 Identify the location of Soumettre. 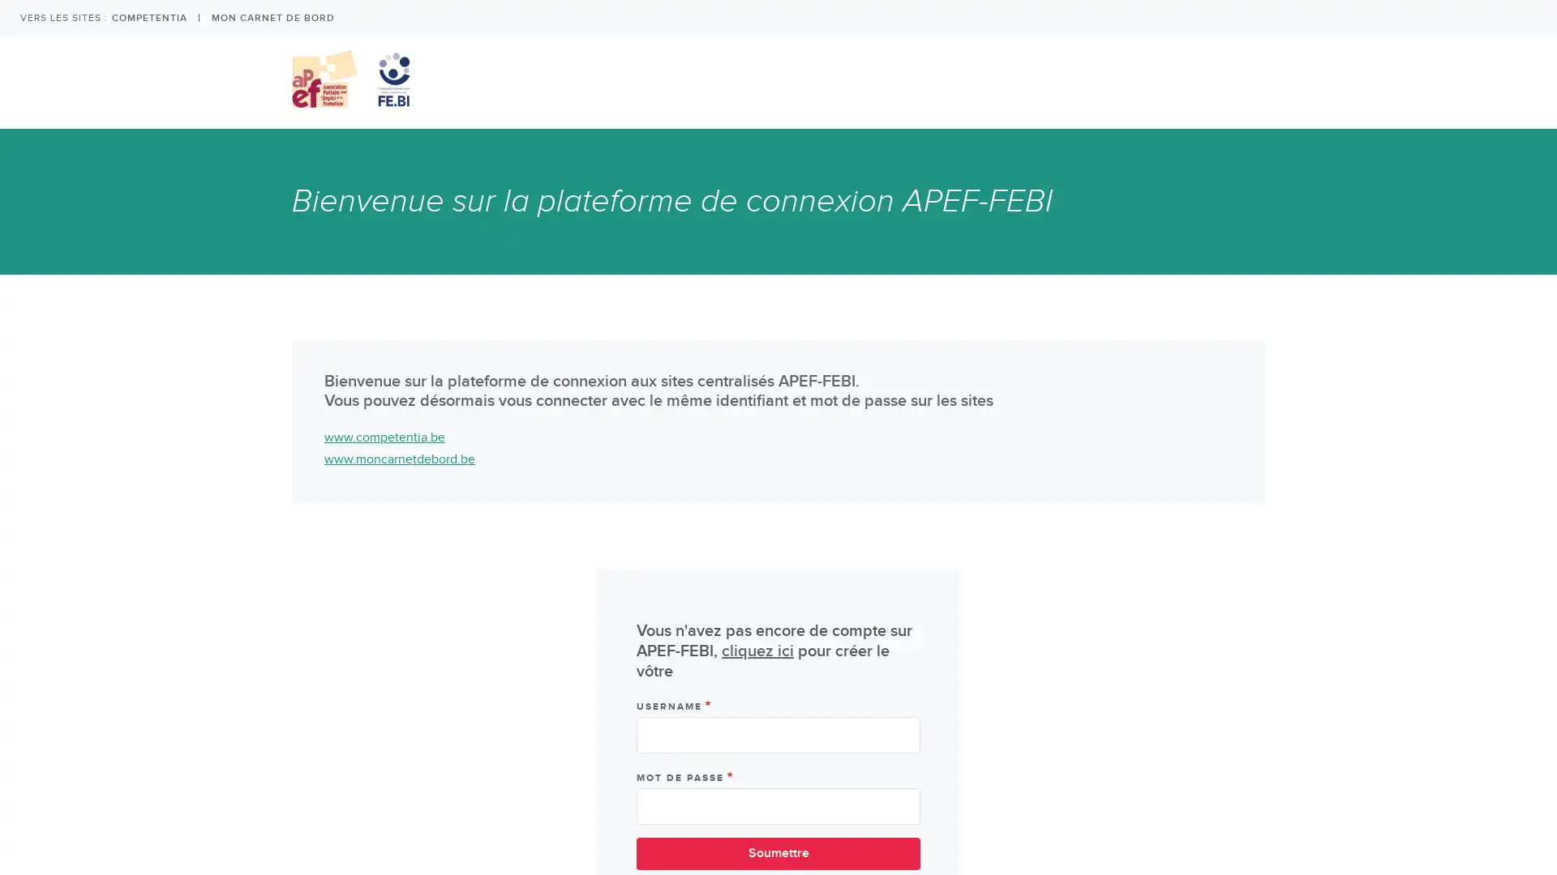
(778, 852).